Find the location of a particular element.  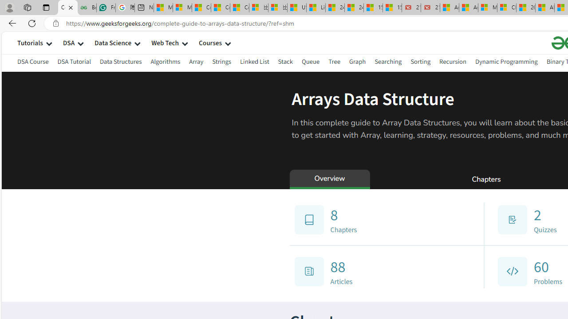

'Tree' is located at coordinates (334, 62).